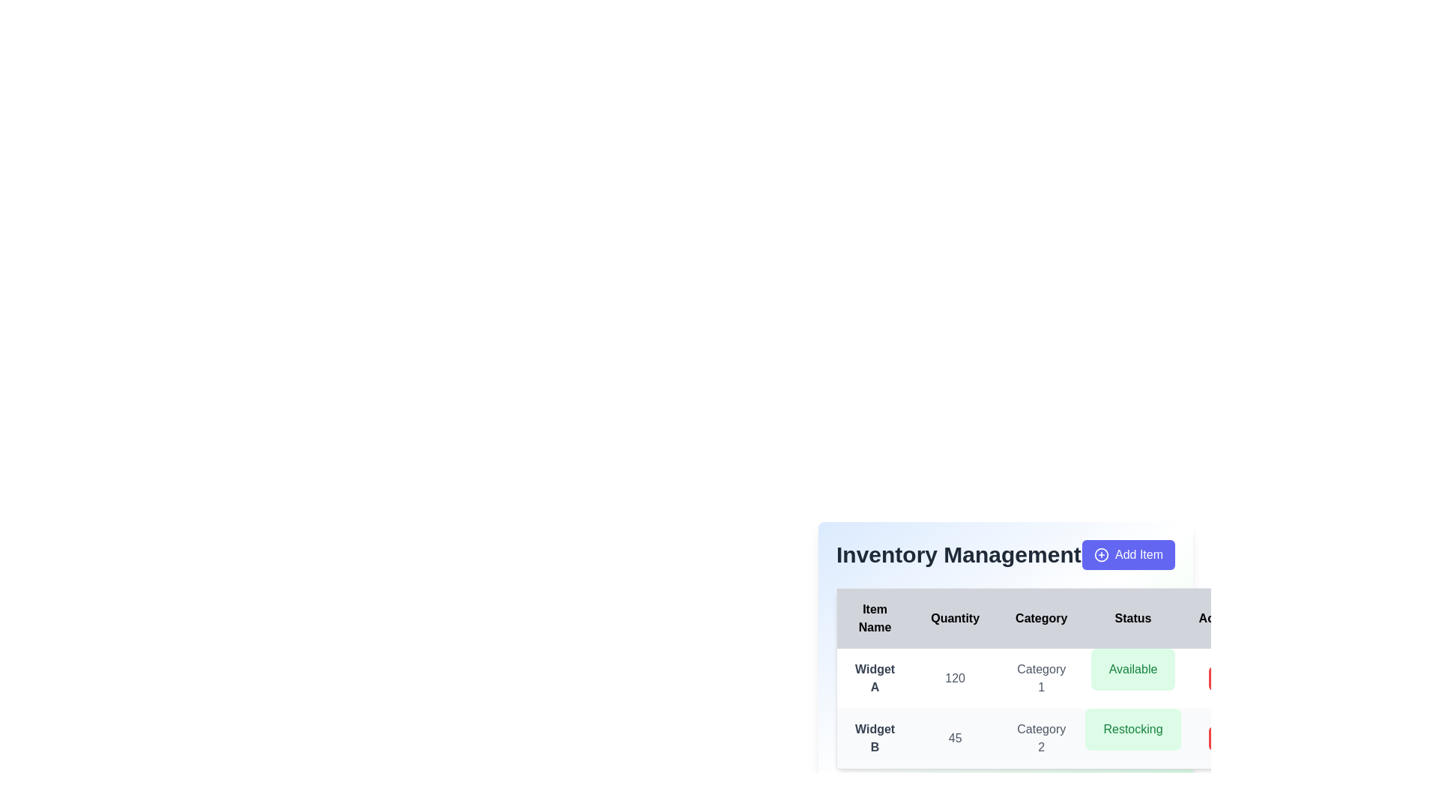 The width and height of the screenshot is (1439, 809). What do you see at coordinates (875, 679) in the screenshot?
I see `the Text label representing the name of an item in the inventory management table, located under the 'Item Name' column in the first row` at bounding box center [875, 679].